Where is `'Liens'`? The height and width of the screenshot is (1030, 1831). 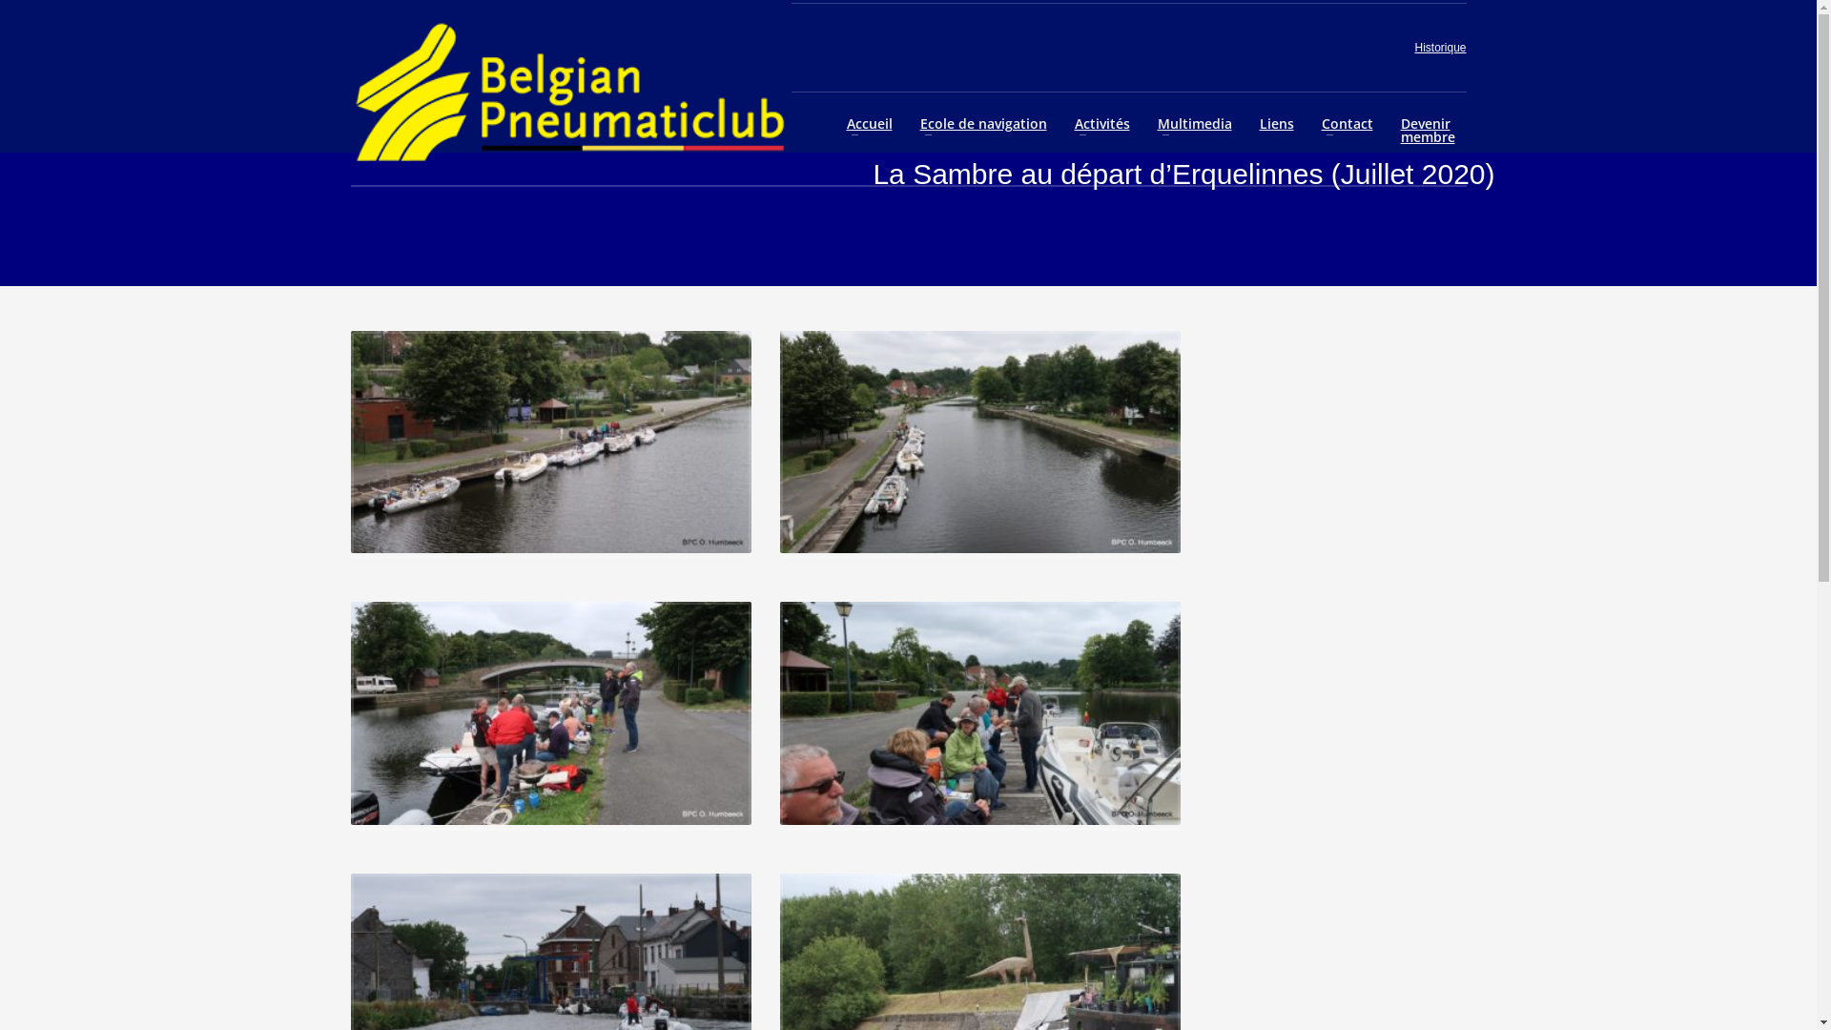 'Liens' is located at coordinates (1277, 124).